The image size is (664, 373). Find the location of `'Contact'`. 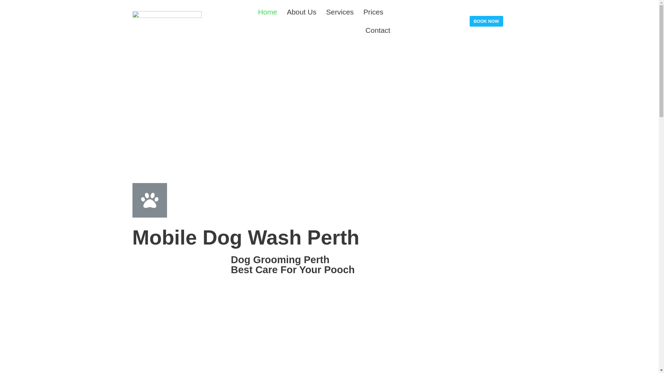

'Contact' is located at coordinates (378, 30).